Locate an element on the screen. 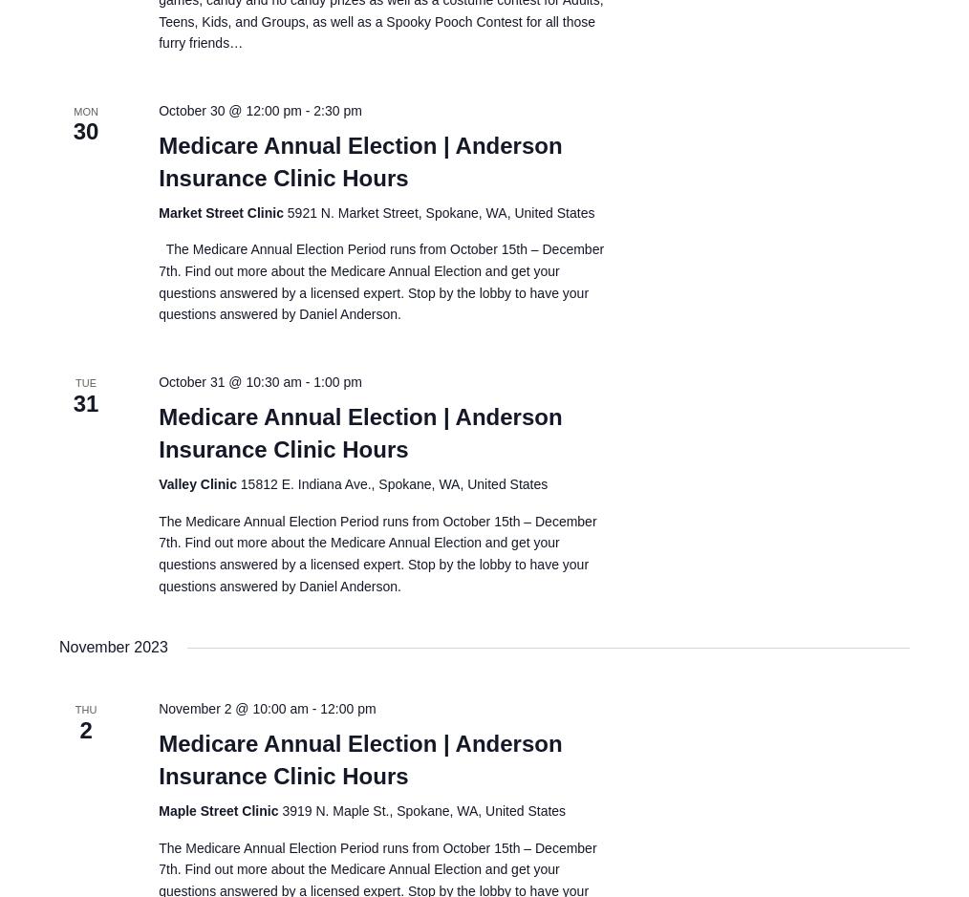 The image size is (969, 897). '15812 E. Indiana Ave., Spokane, WA, United States' is located at coordinates (392, 483).